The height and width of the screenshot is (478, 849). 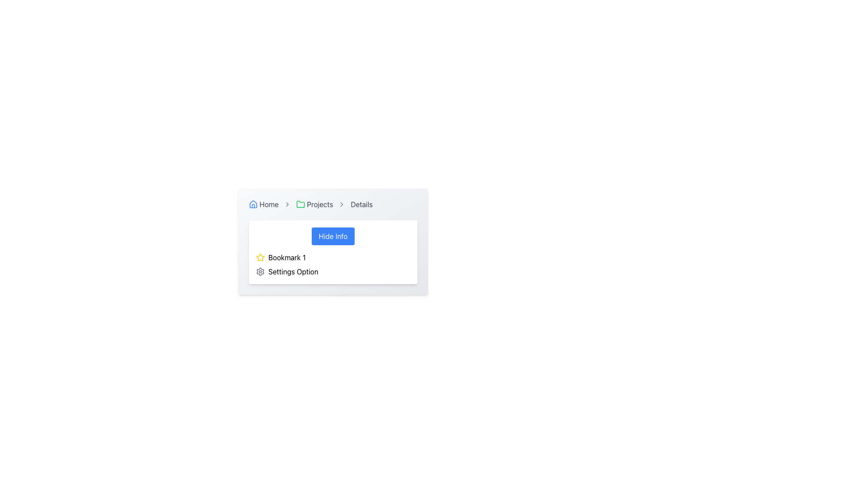 I want to click on the right chevron arrow icon in the breadcrumb navigation bar, which is positioned between the 'Projects' and 'Details' labels, so click(x=341, y=204).